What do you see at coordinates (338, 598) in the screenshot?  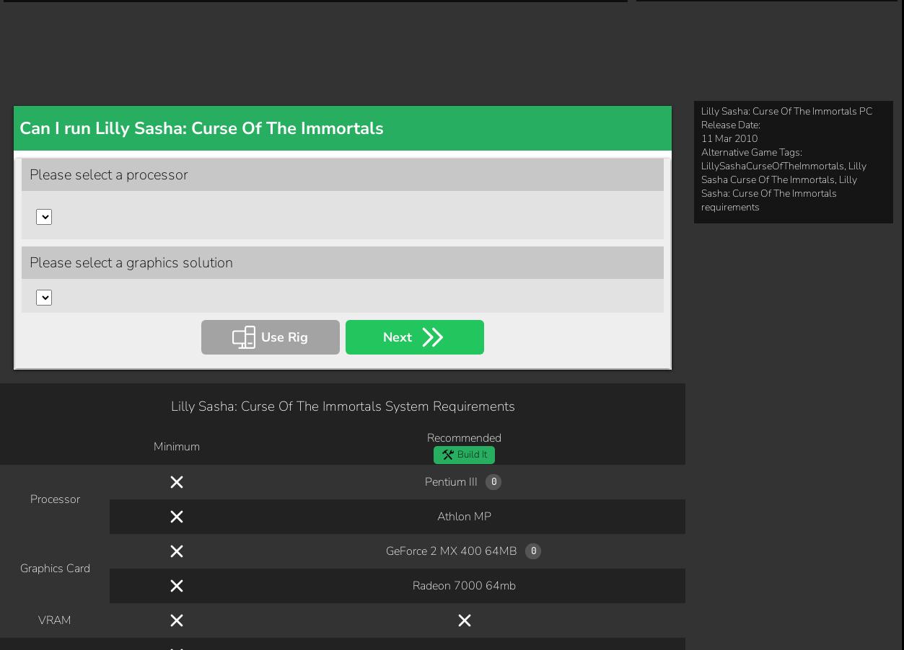 I see `'Login'` at bounding box center [338, 598].